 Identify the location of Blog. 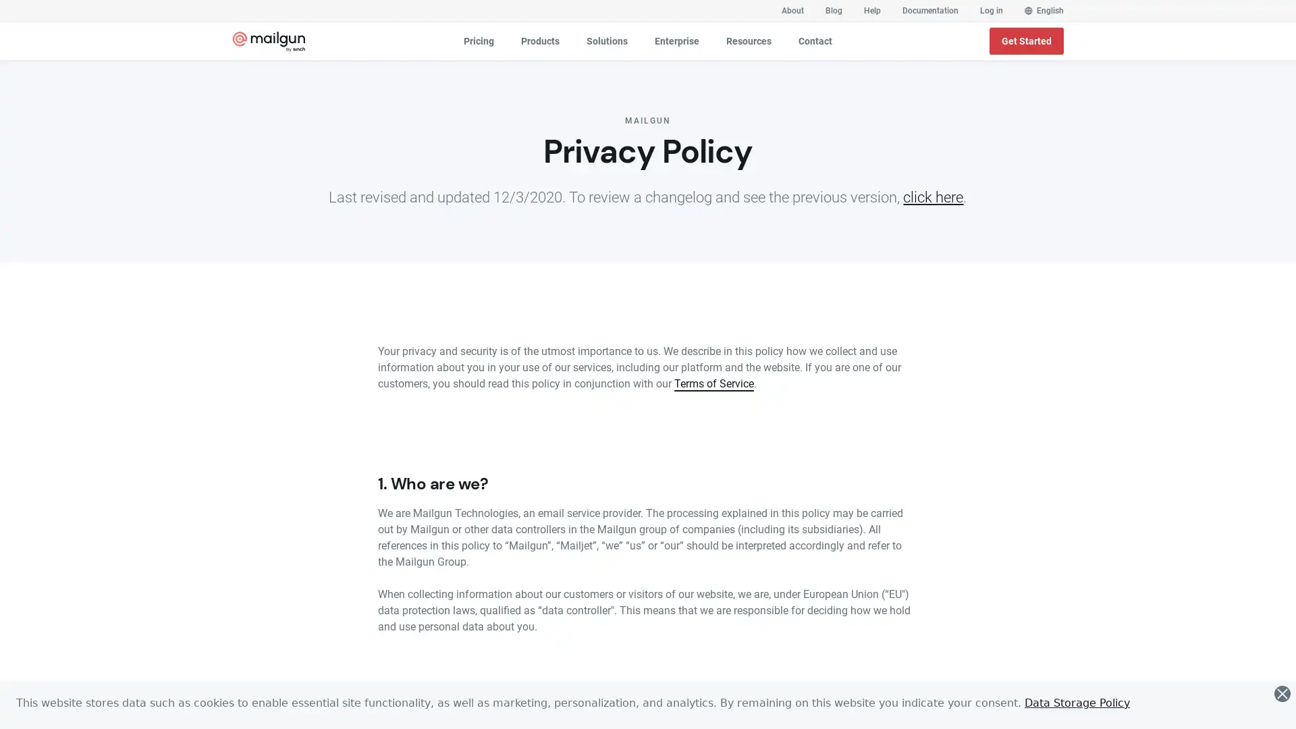
(833, 10).